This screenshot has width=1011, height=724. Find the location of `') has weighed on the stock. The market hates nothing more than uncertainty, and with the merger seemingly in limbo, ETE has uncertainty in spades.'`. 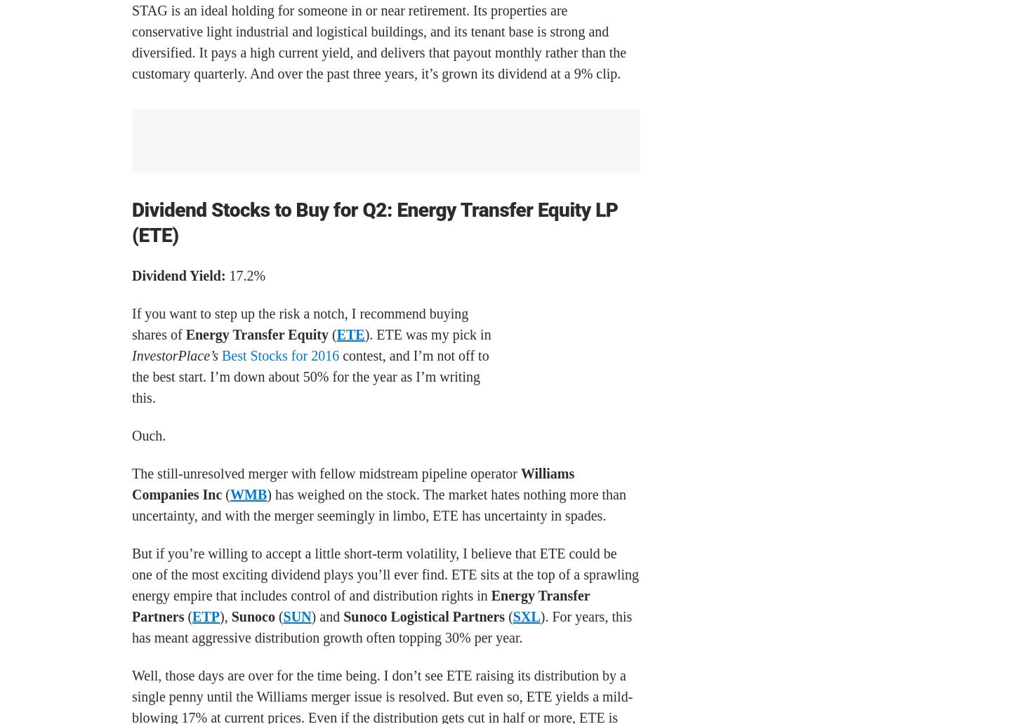

') has weighed on the stock. The market hates nothing more than uncertainty, and with the merger seemingly in limbo, ETE has uncertainty in spades.' is located at coordinates (378, 504).